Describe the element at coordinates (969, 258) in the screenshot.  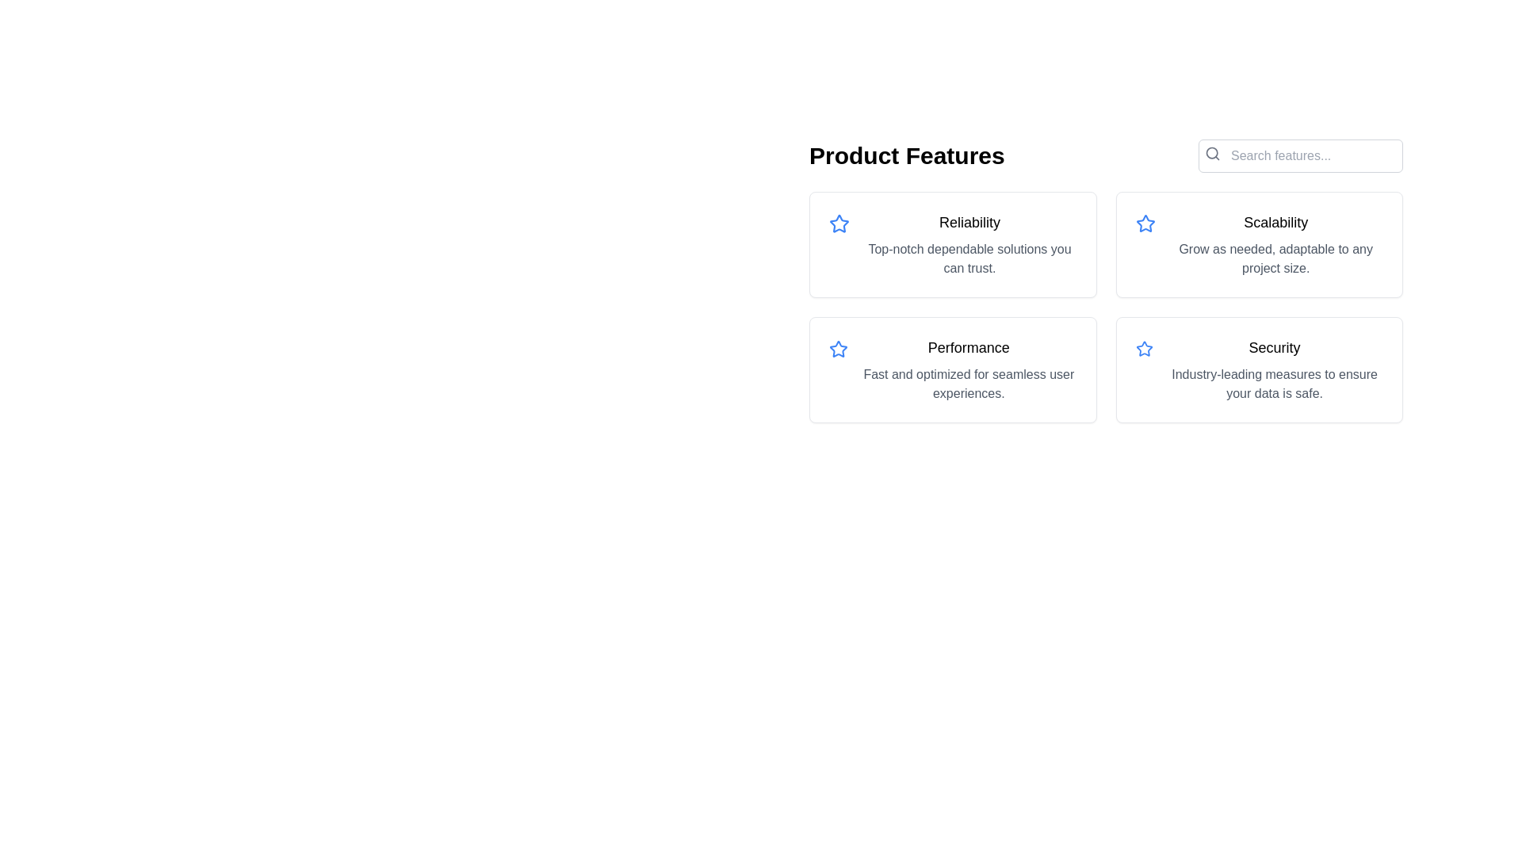
I see `the text component displaying 'Top-notch dependable solutions you can trust.' located below the 'Reliability' heading in the feature card` at that location.